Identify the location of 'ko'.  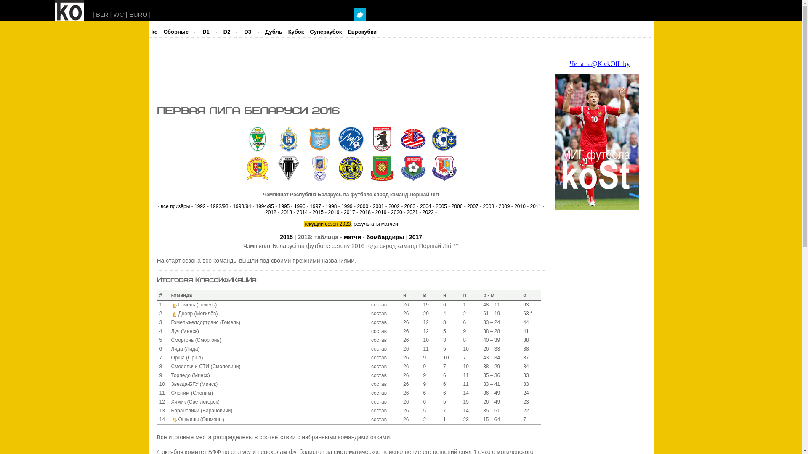
(148, 32).